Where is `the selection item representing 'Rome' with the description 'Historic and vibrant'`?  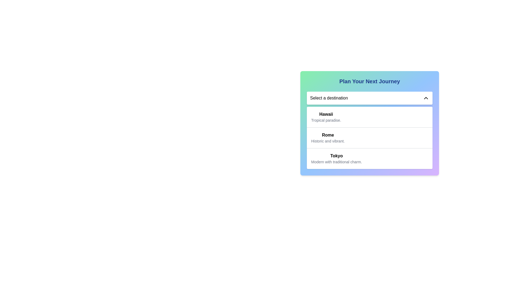
the selection item representing 'Rome' with the description 'Historic and vibrant' is located at coordinates (369, 137).